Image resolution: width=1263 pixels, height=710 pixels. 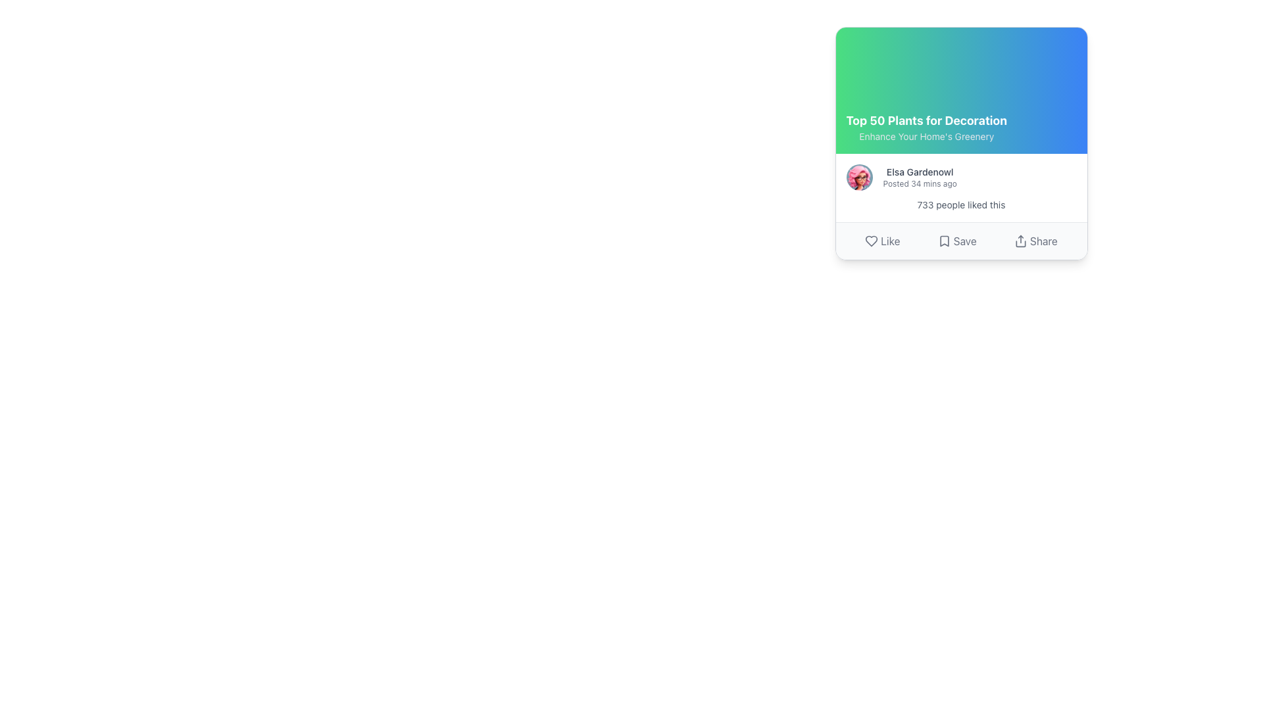 I want to click on the Share button located to the right of the Like and Save buttons in the footer section of the card layout to share the associated content, so click(x=1035, y=241).